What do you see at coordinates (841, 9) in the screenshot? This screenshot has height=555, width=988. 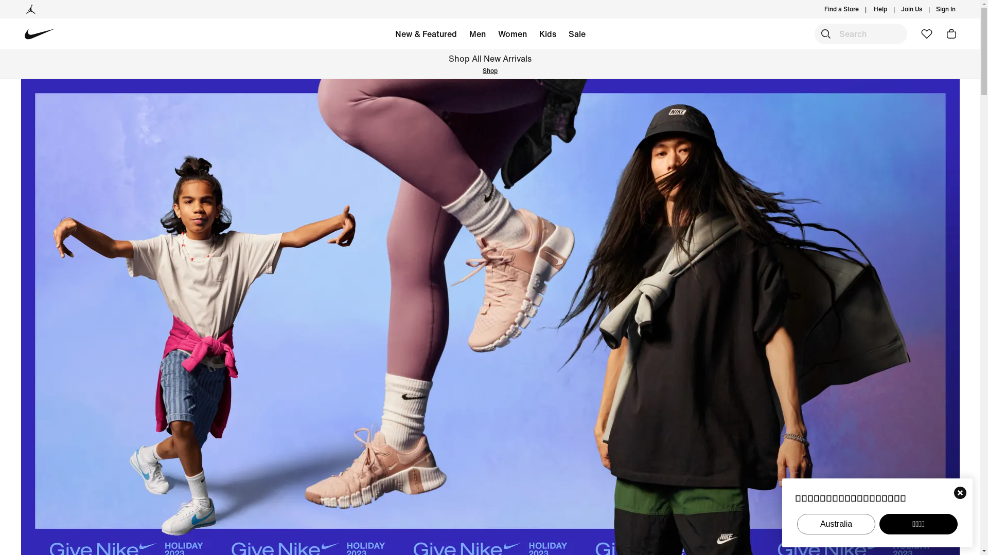 I see `'Find a Store'` at bounding box center [841, 9].